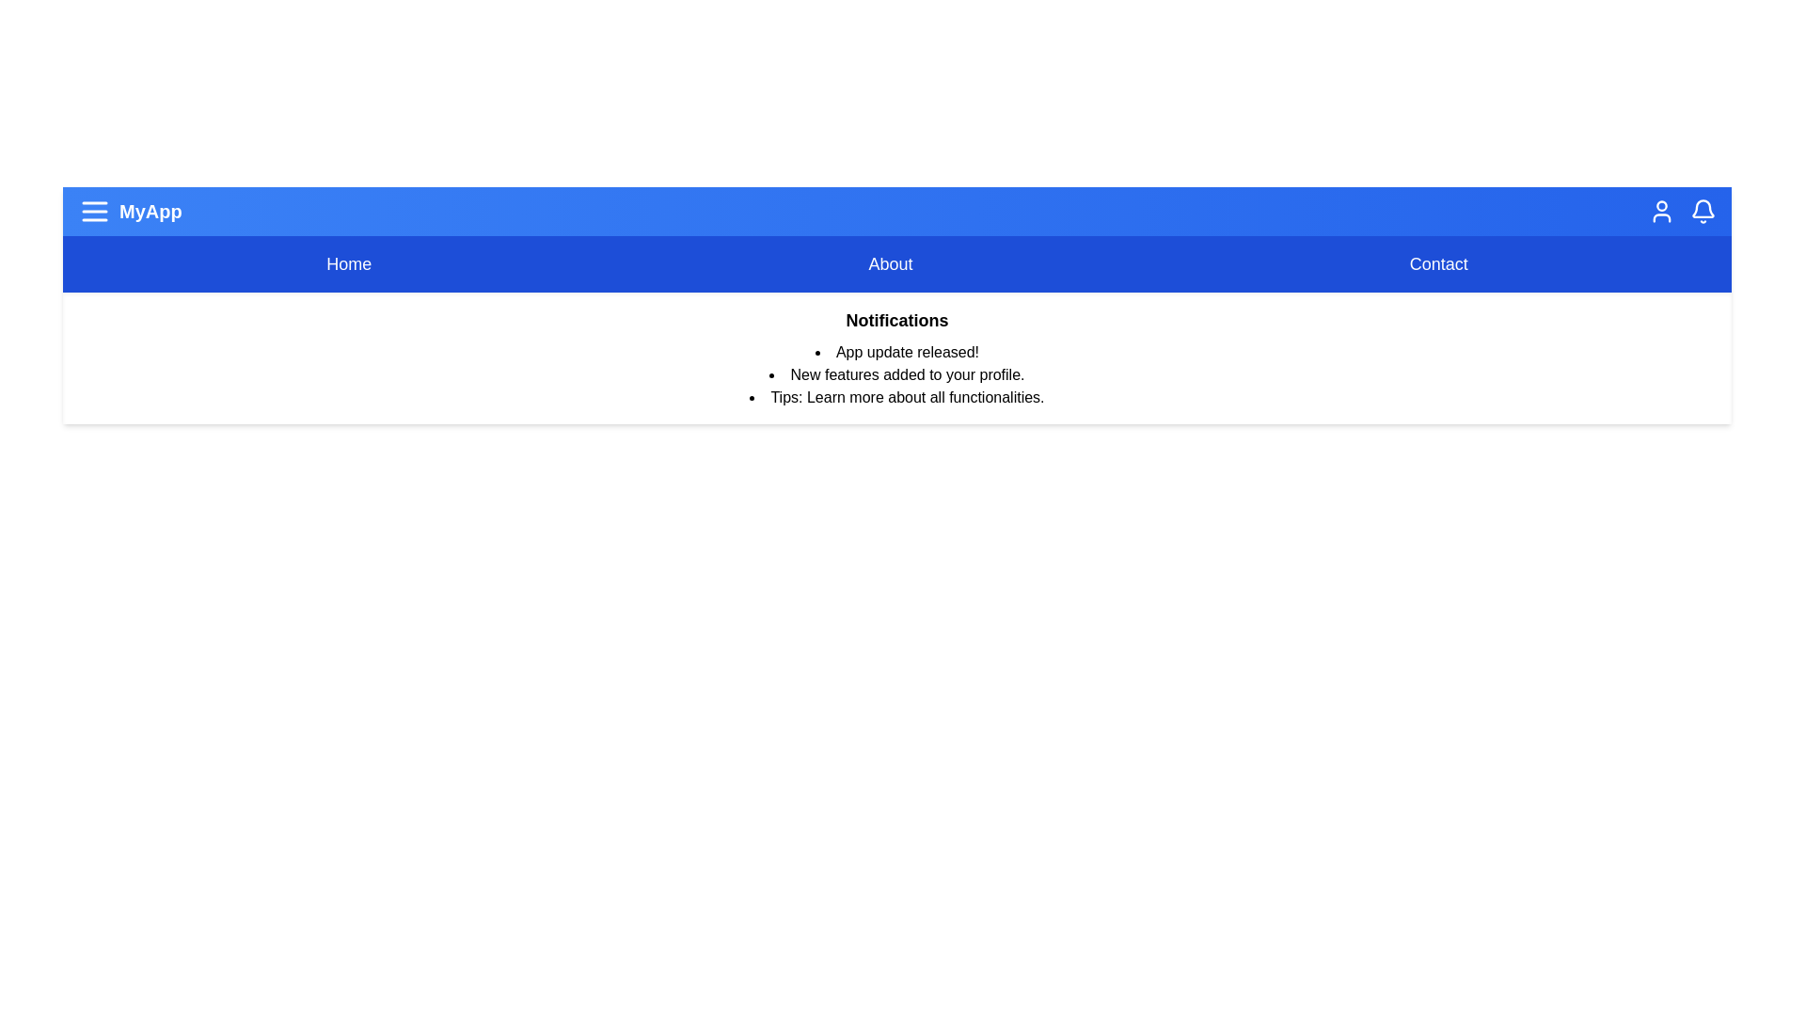 The height and width of the screenshot is (1016, 1806). Describe the element at coordinates (889, 264) in the screenshot. I see `the menu item to navigate to About` at that location.